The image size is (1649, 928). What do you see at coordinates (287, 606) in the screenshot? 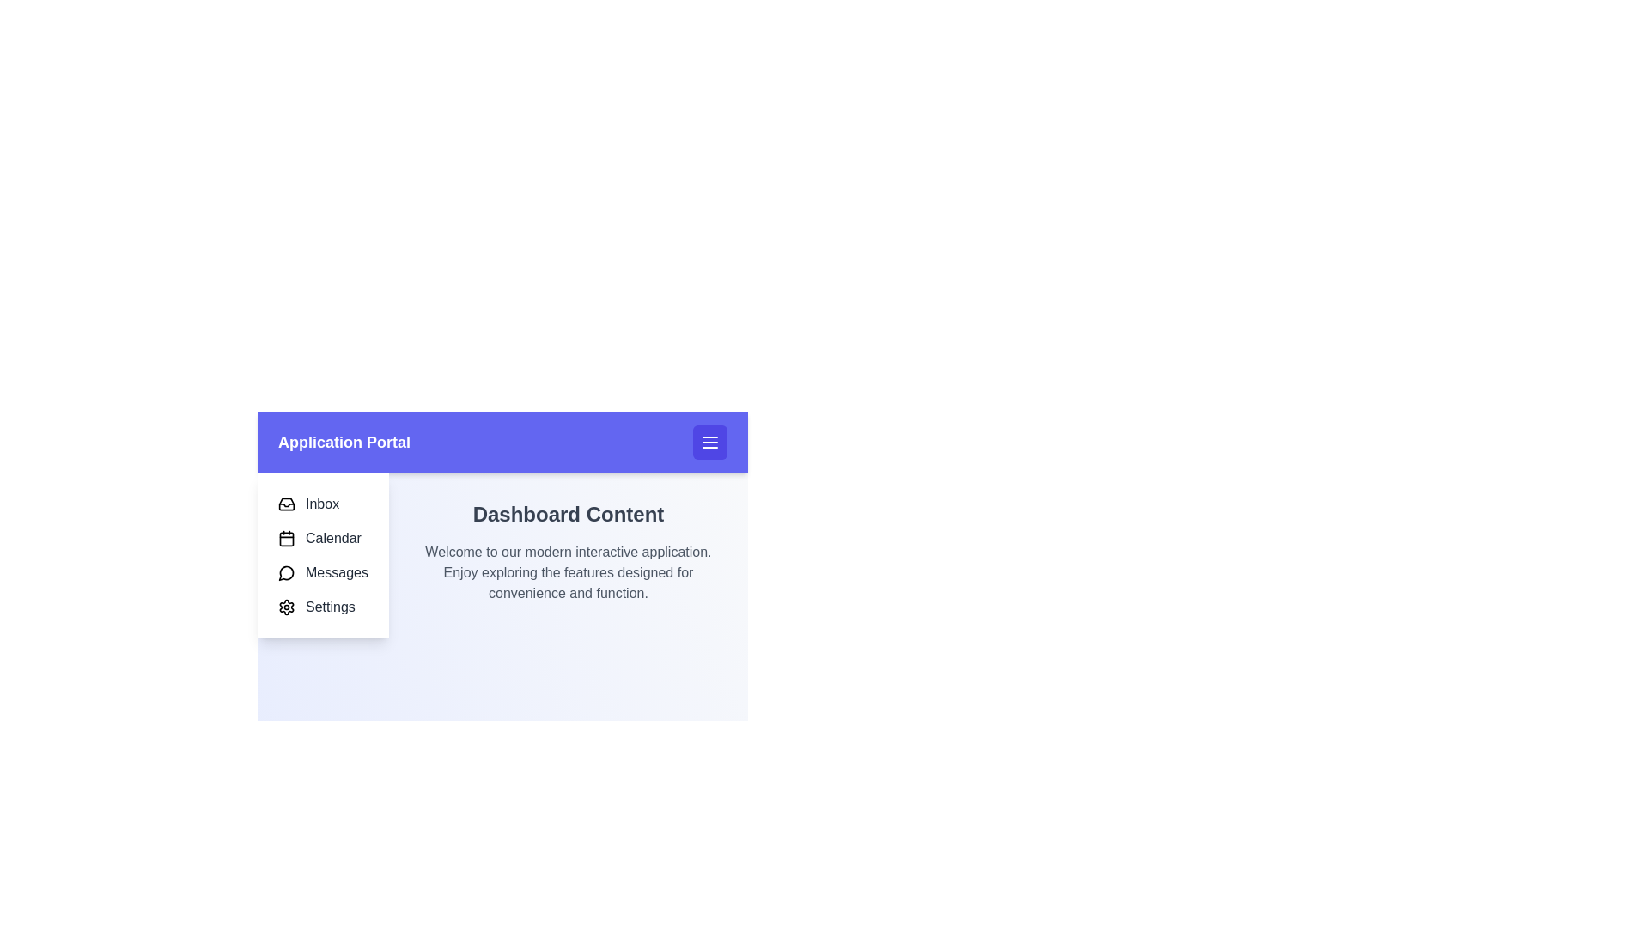
I see `the settings icon located in the vertical navigation menu, which is the leftmost component of the 'Settings' menu item, positioned in the top-left quadrant of the main application interface` at bounding box center [287, 606].